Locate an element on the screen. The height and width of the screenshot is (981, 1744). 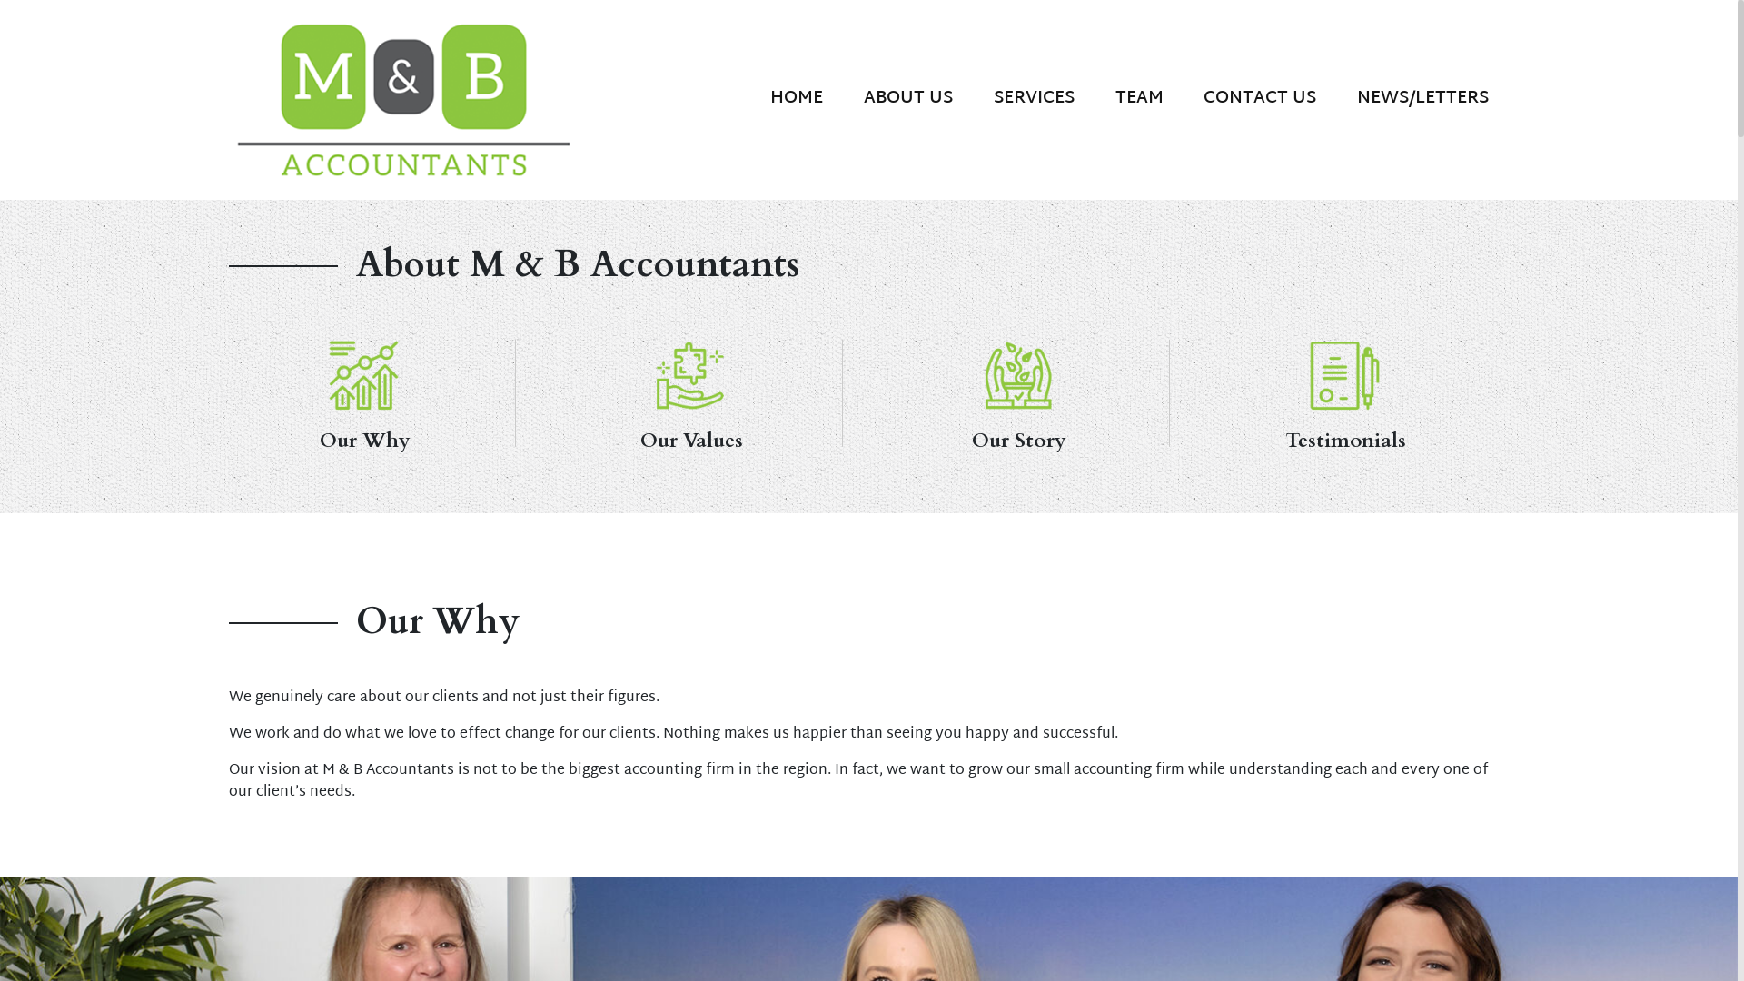
'Our Values' is located at coordinates (691, 374).